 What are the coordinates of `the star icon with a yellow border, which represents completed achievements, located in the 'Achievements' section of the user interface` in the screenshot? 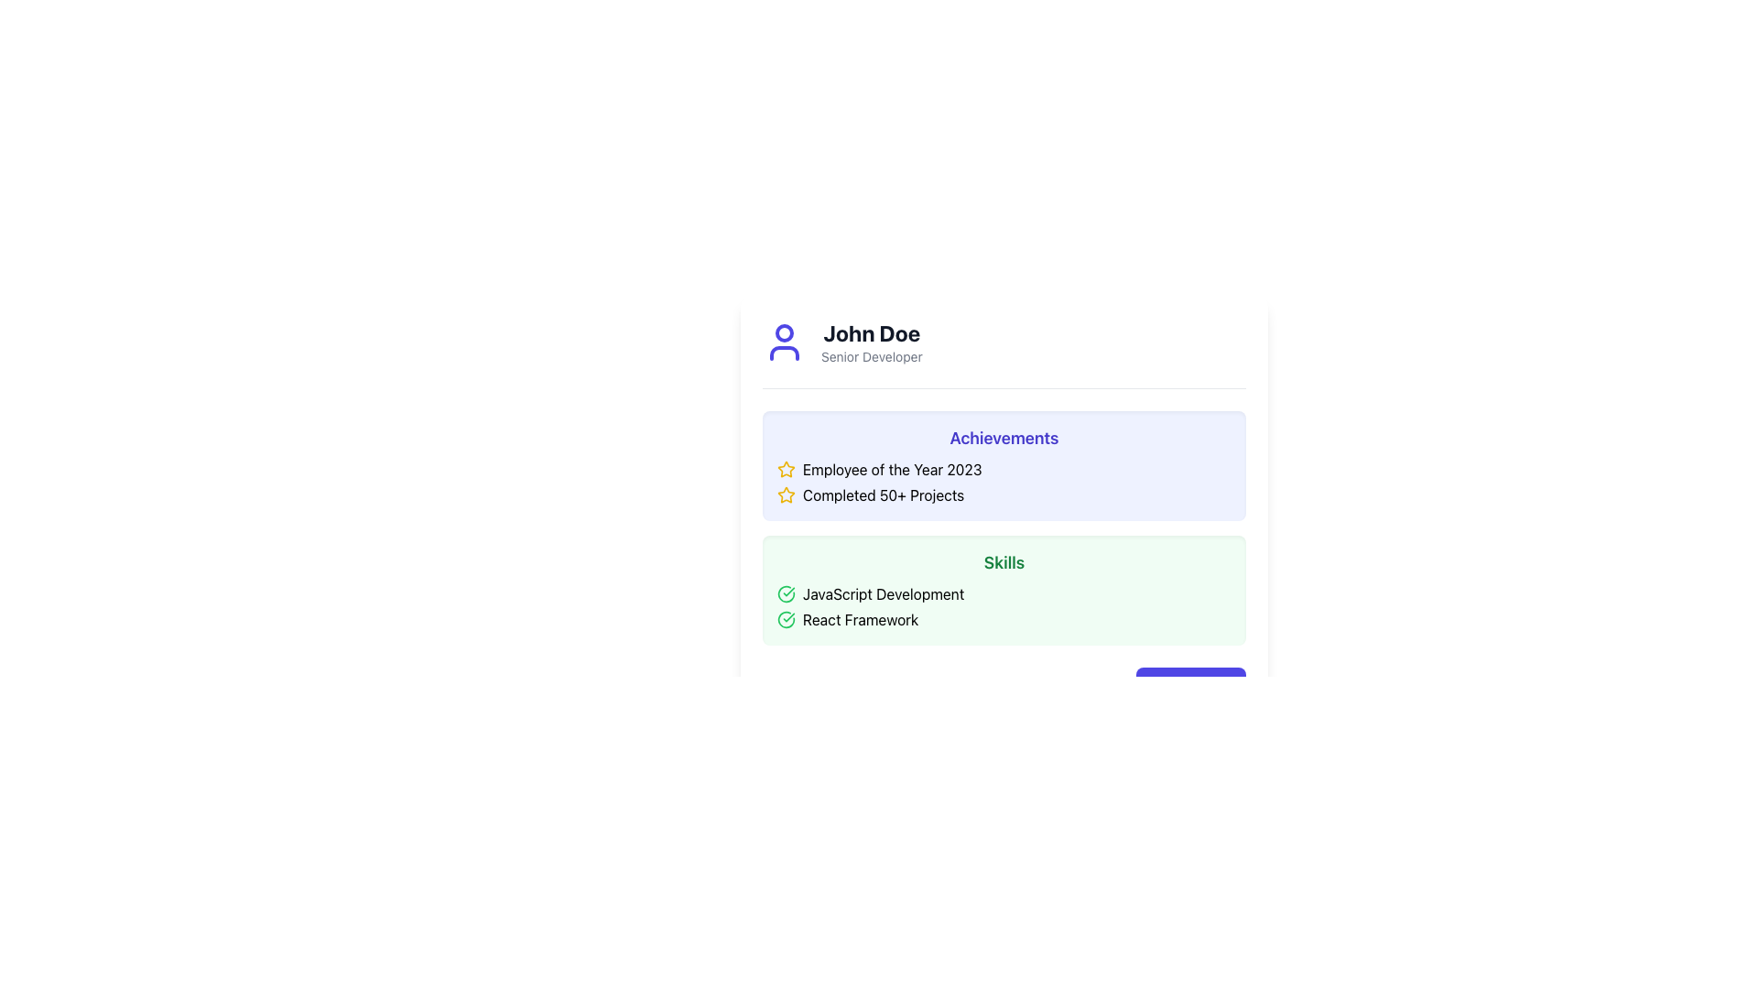 It's located at (787, 468).